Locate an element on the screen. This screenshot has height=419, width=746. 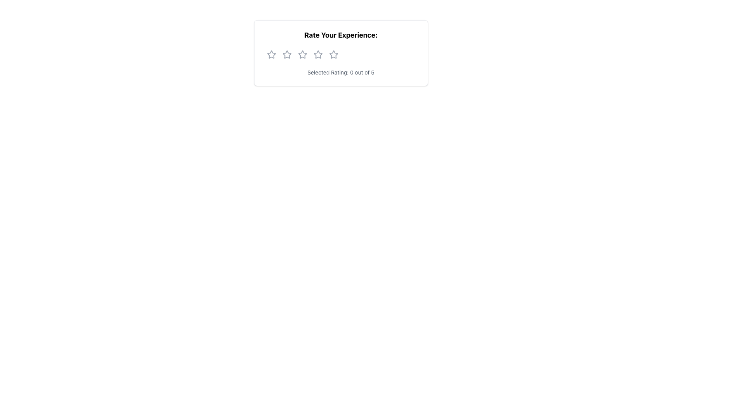
the third star icon in the rating system is located at coordinates (318, 54).